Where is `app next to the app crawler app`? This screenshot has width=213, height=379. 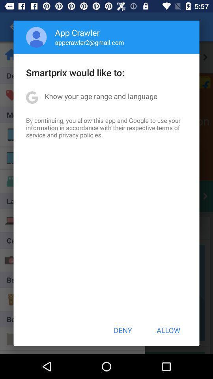 app next to the app crawler app is located at coordinates (36, 37).